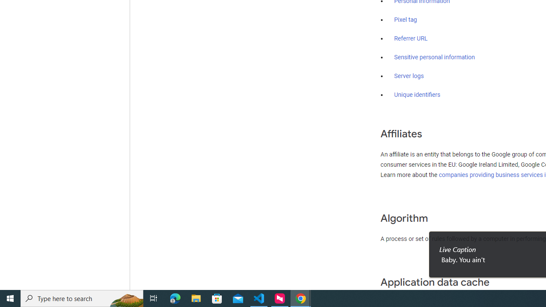  Describe the element at coordinates (405, 20) in the screenshot. I see `'Pixel tag'` at that location.